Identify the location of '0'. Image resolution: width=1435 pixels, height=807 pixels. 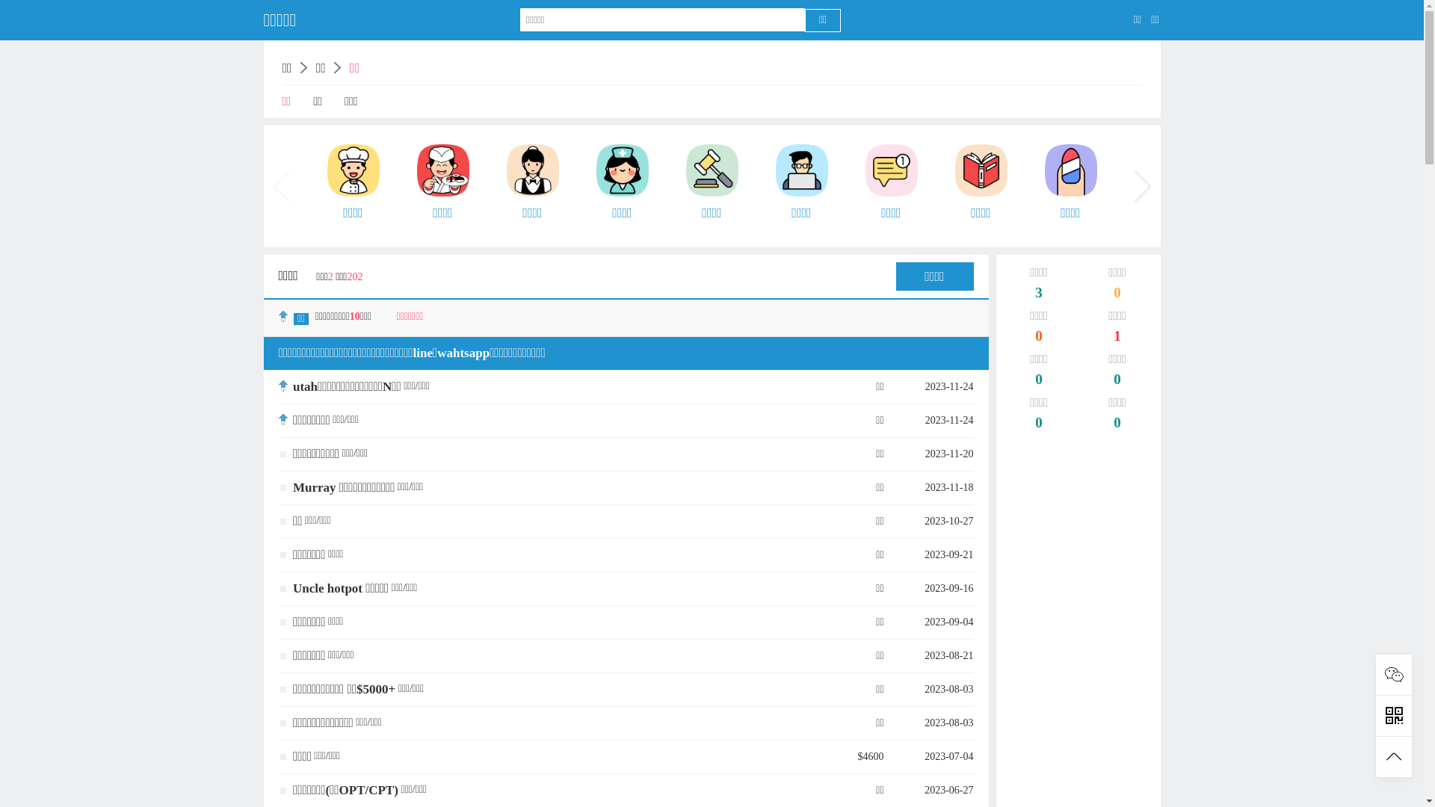
(1117, 424).